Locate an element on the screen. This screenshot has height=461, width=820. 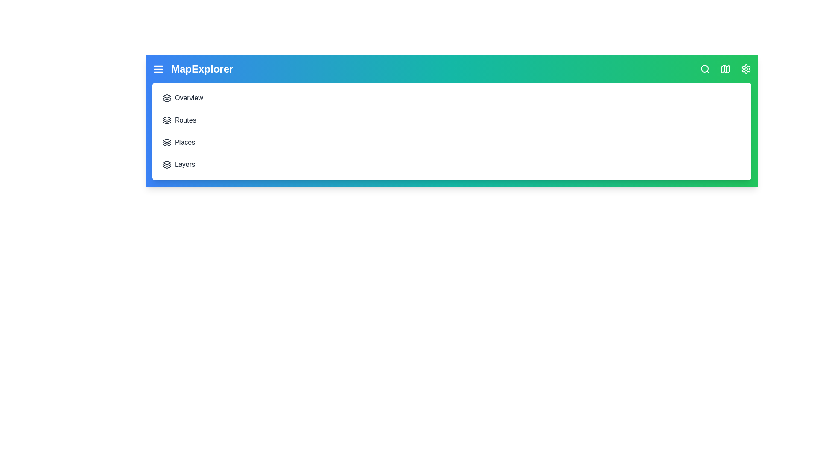
the menu item Layers to navigate to the corresponding section is located at coordinates (167, 164).